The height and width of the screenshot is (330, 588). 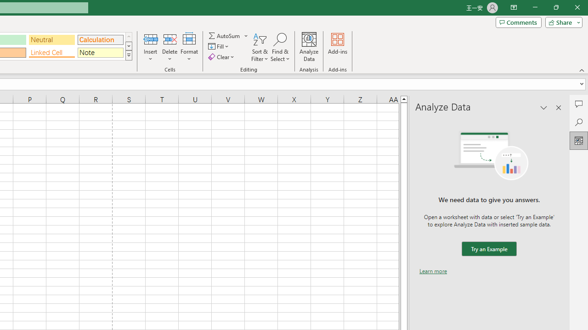 What do you see at coordinates (128, 55) in the screenshot?
I see `'Class: NetUIImage'` at bounding box center [128, 55].